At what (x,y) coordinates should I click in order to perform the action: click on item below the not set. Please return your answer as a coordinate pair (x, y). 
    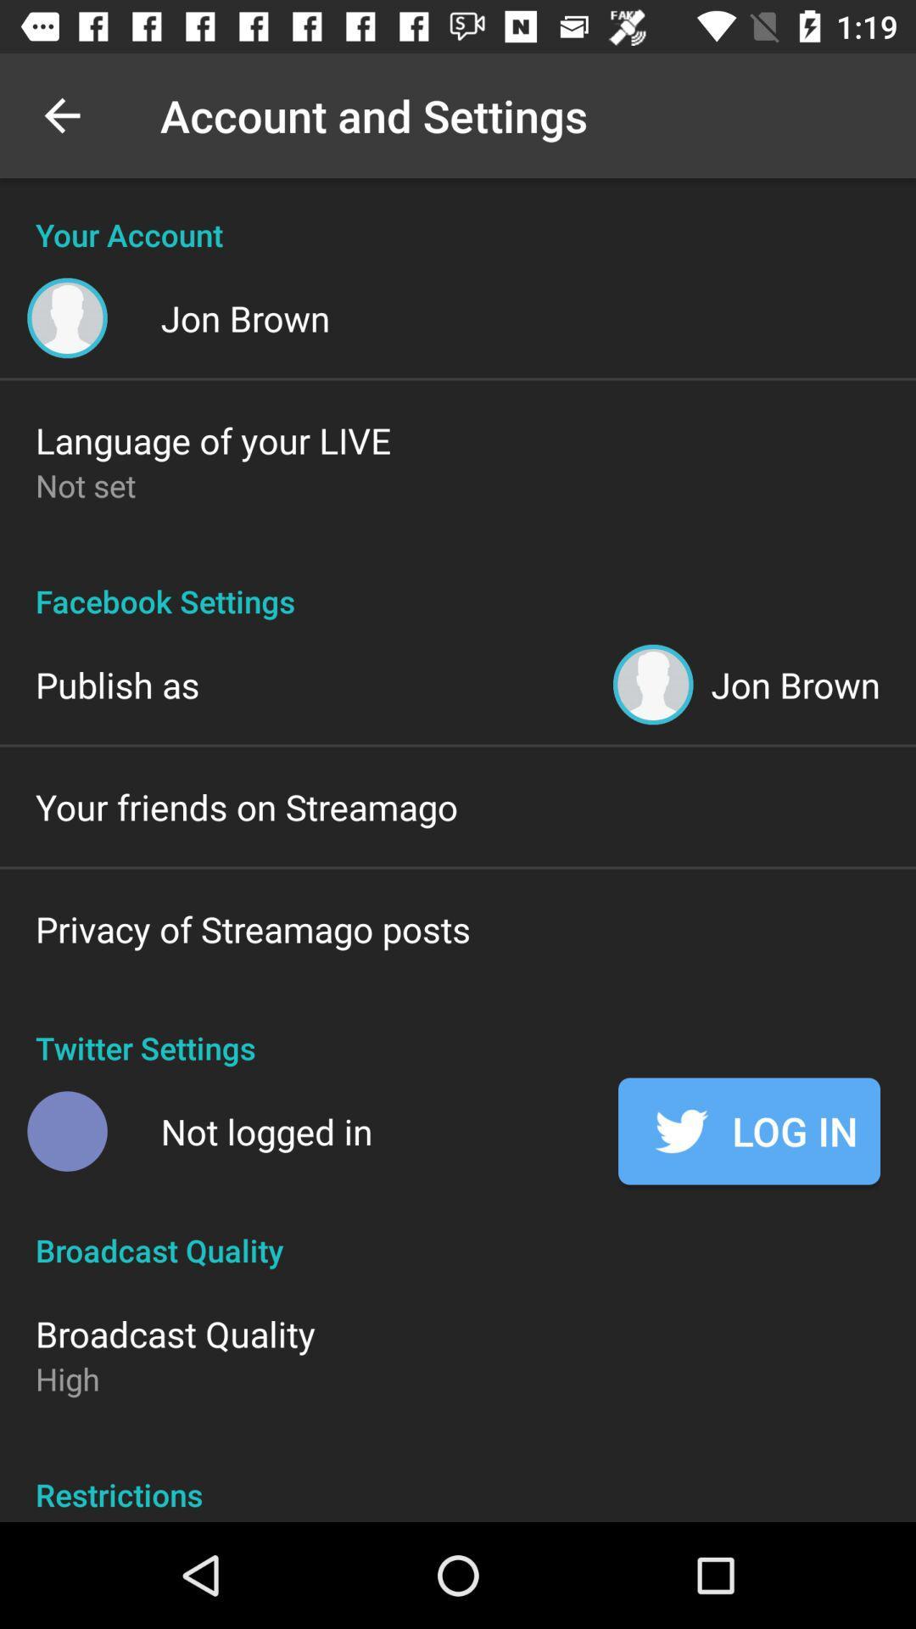
    Looking at the image, I should click on (458, 583).